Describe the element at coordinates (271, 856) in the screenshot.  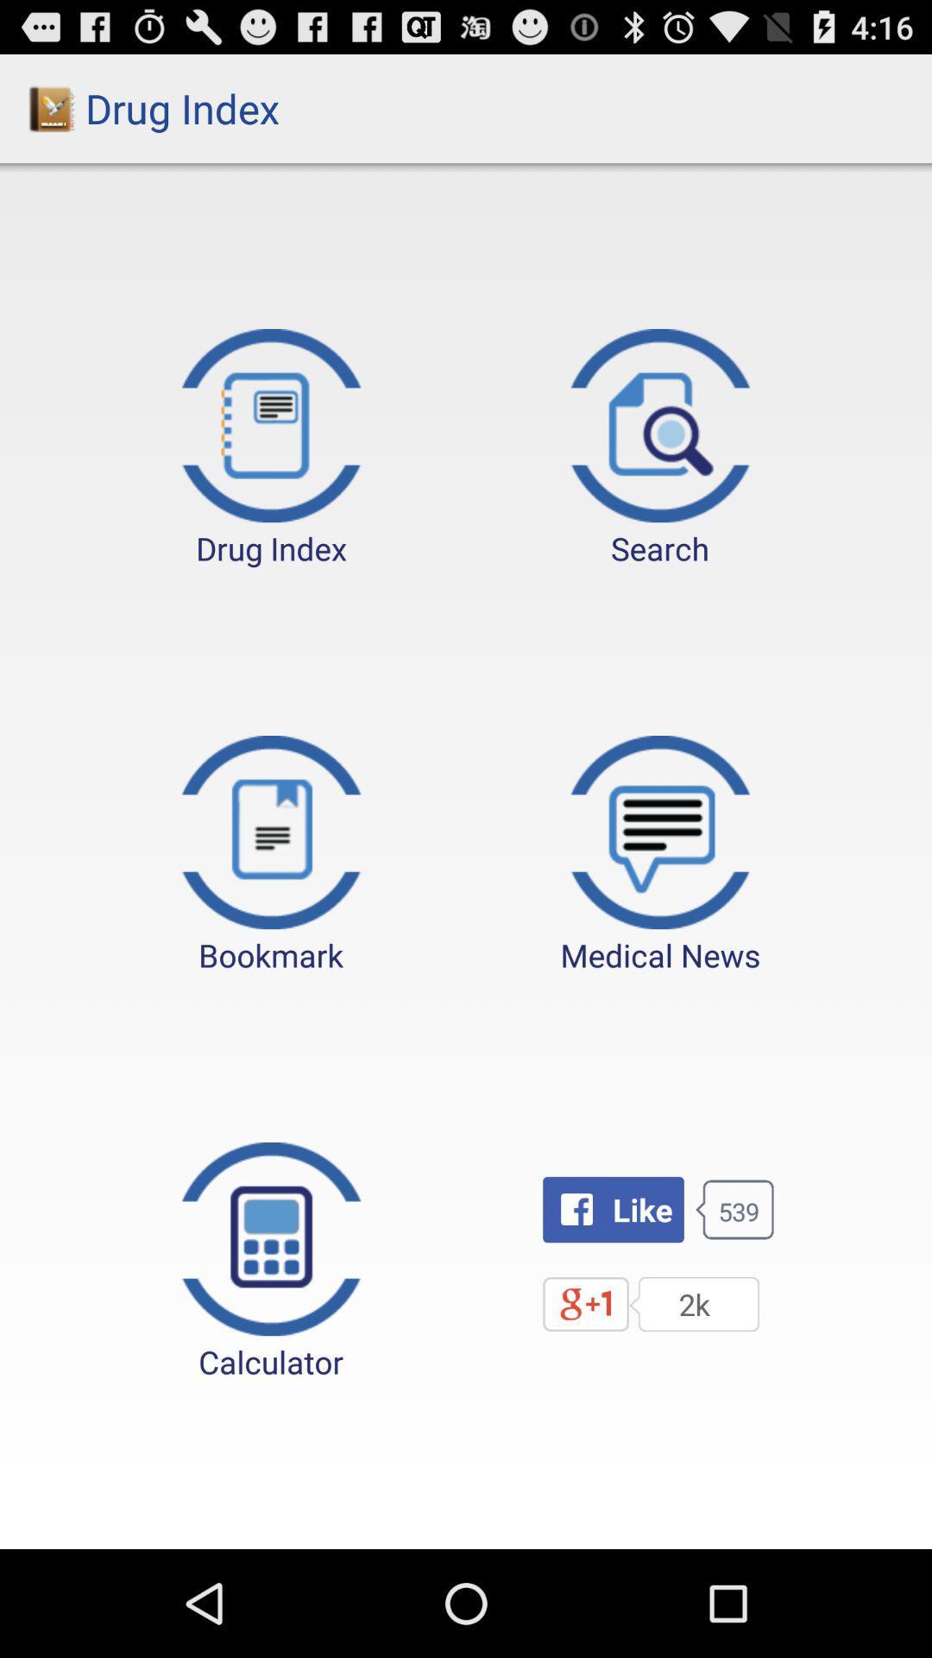
I see `the icon next to the medical news icon` at that location.